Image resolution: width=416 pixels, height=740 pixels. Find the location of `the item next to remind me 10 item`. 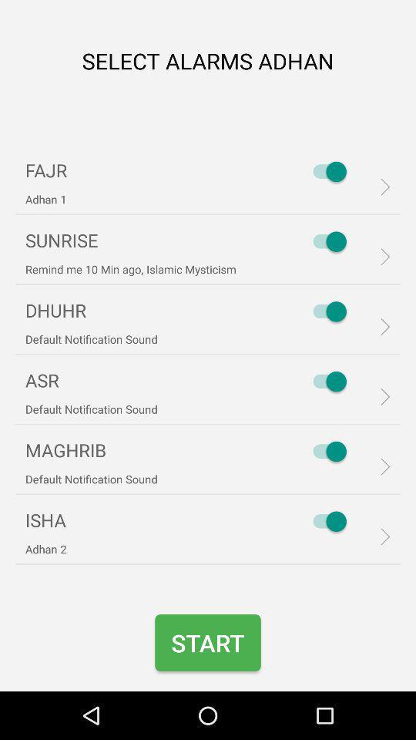

the item next to remind me 10 item is located at coordinates (325, 241).